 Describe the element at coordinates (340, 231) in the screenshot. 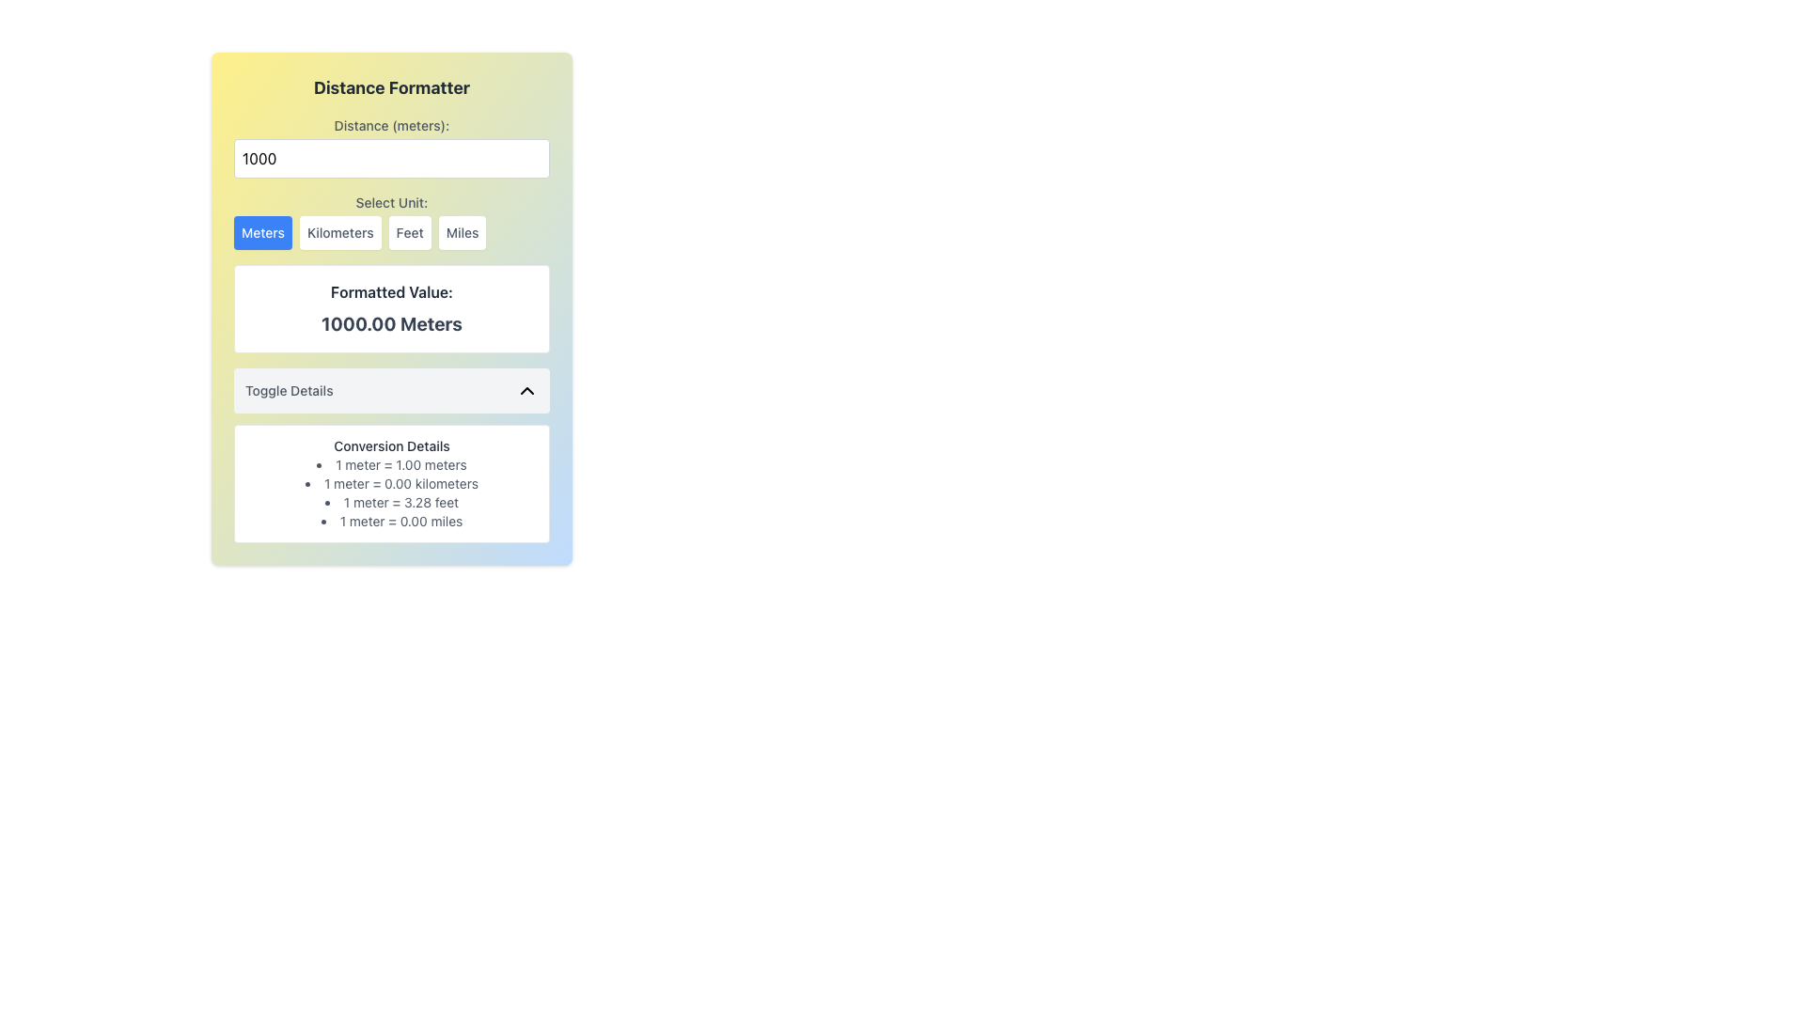

I see `the 'Kilometers' button in the 'Select Unit' section` at that location.